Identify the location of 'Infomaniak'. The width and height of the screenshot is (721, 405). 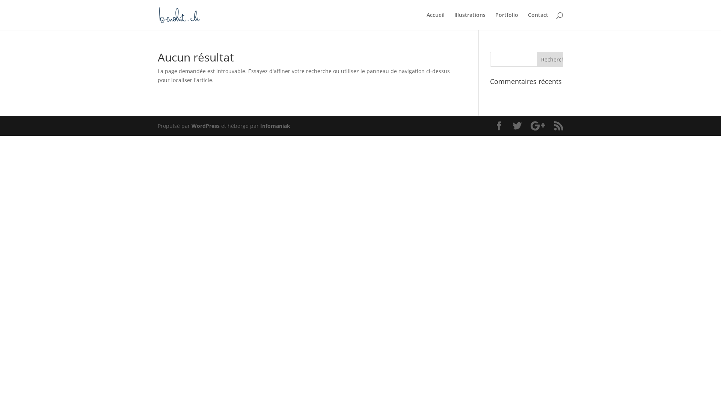
(275, 125).